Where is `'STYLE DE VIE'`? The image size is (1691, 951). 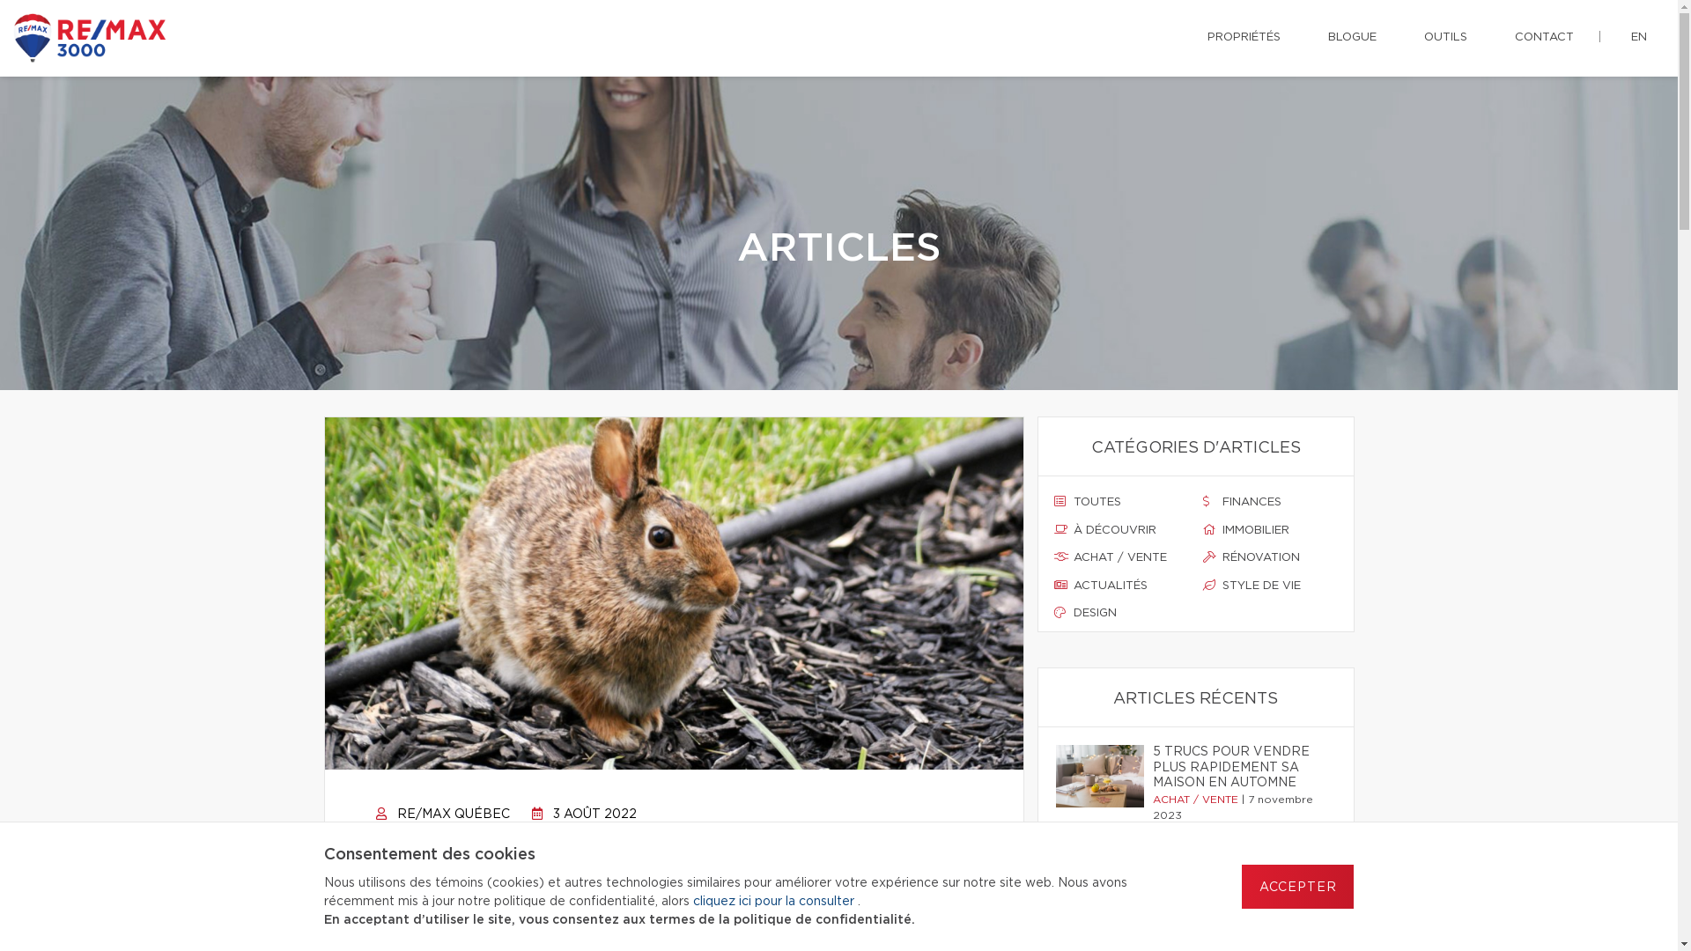
'STYLE DE VIE' is located at coordinates (1270, 586).